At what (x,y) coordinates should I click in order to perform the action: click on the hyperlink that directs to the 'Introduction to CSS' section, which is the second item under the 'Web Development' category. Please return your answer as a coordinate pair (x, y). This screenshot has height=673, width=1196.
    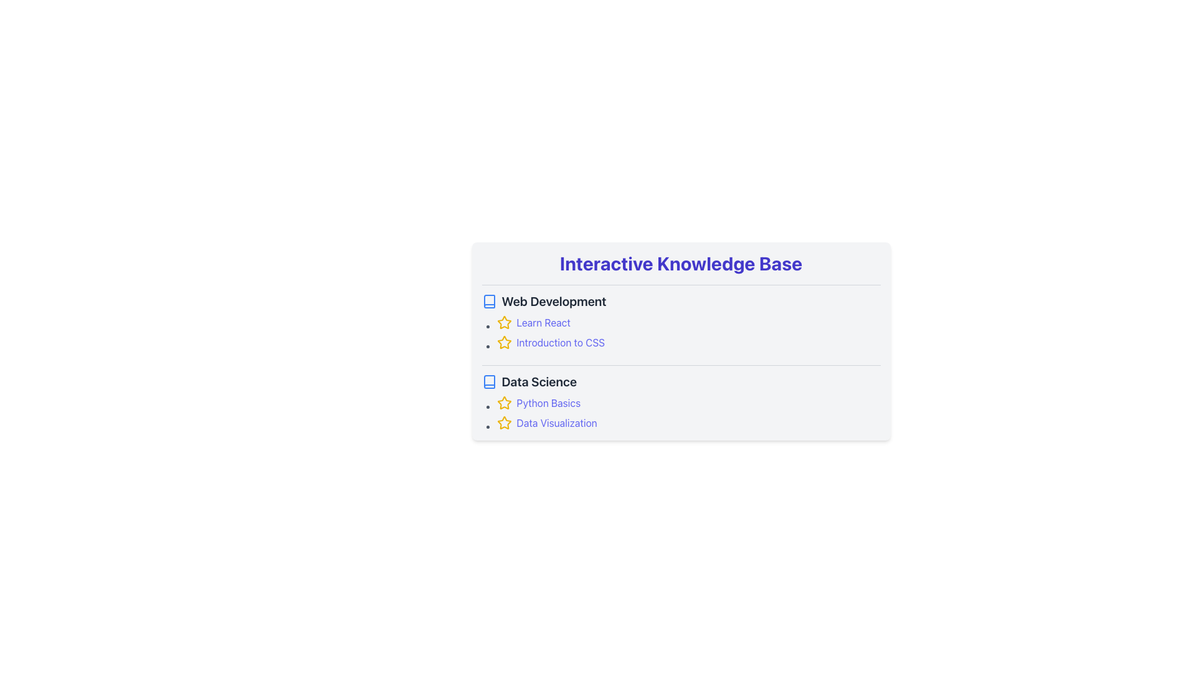
    Looking at the image, I should click on (688, 343).